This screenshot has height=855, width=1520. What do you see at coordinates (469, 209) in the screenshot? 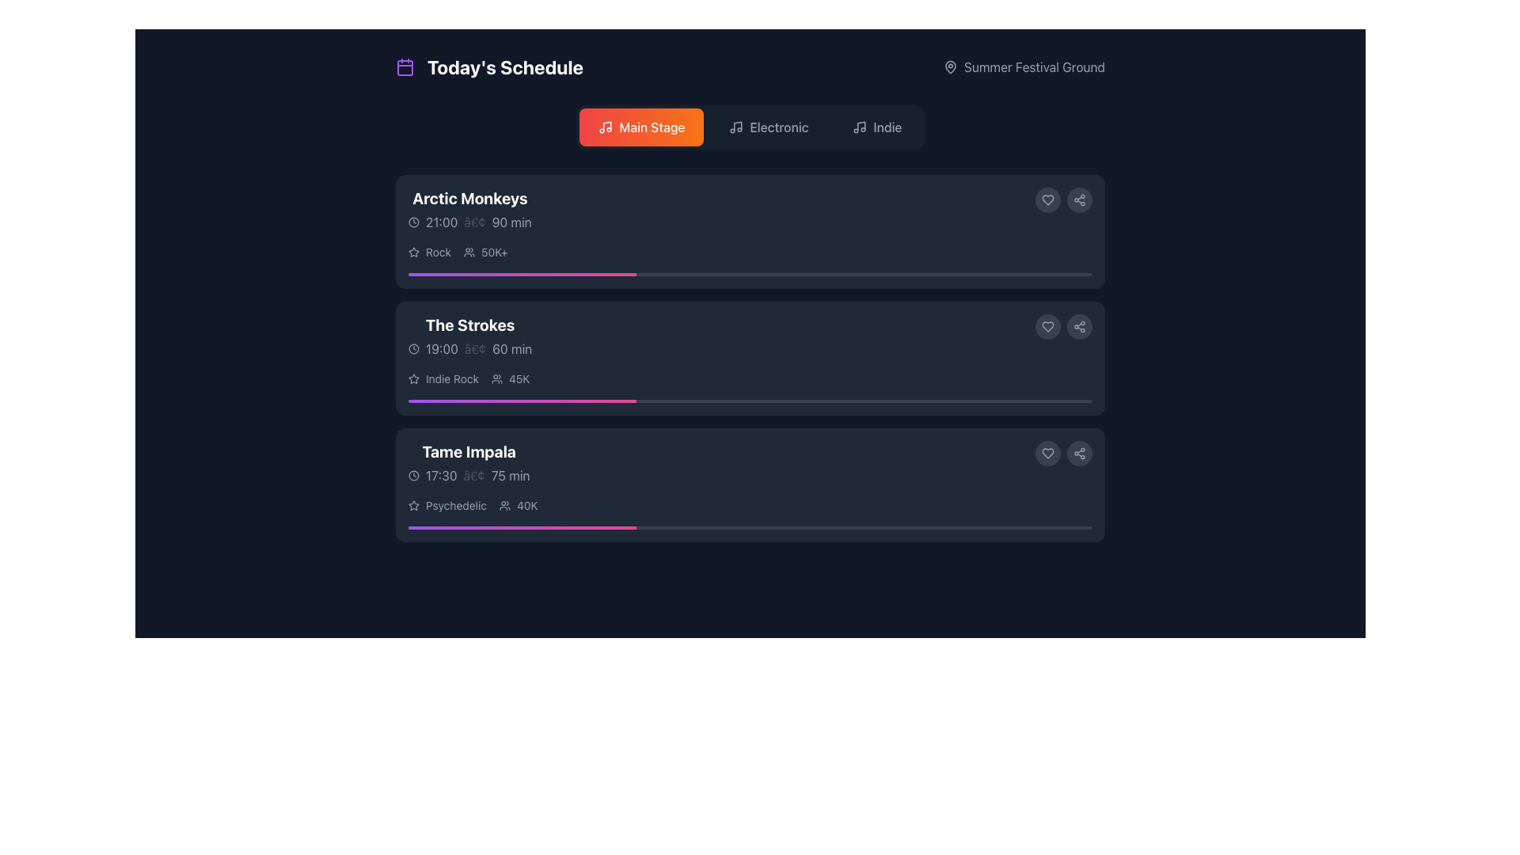
I see `the Informational Text Cluster for the event 'Arctic Monkeys' located in the first event card under the 'Main Stage' section` at bounding box center [469, 209].